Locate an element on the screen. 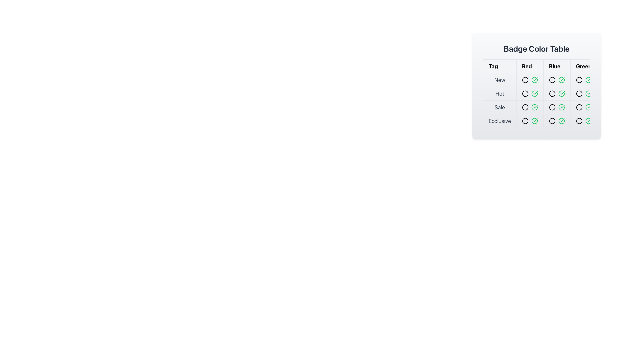 The image size is (640, 360). a cell in the 'Badge Color Table' to interact with its content is located at coordinates (536, 85).